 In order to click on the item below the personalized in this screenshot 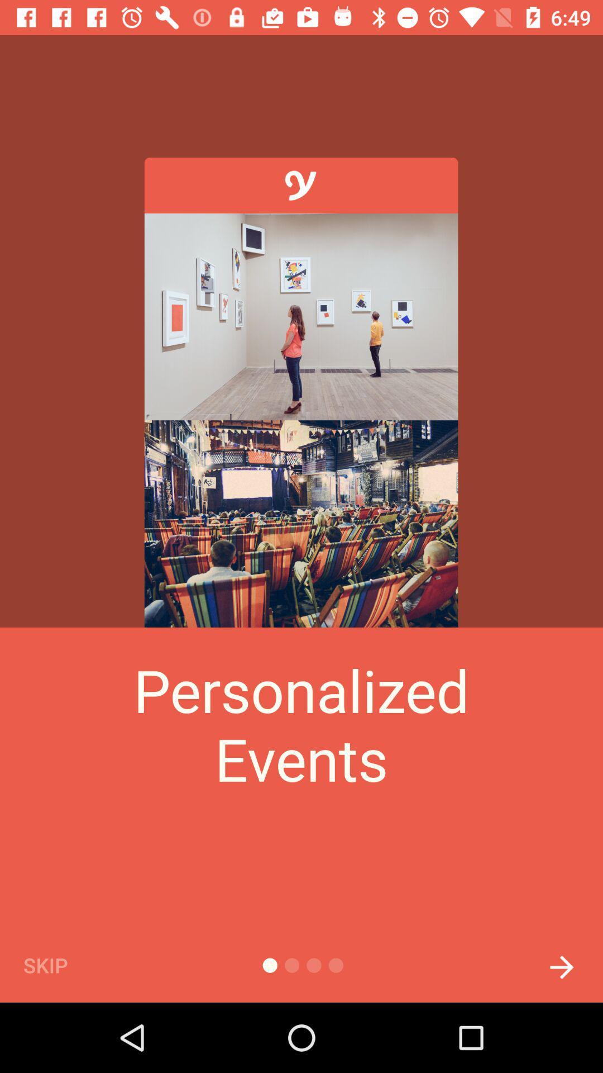, I will do `click(64, 965)`.